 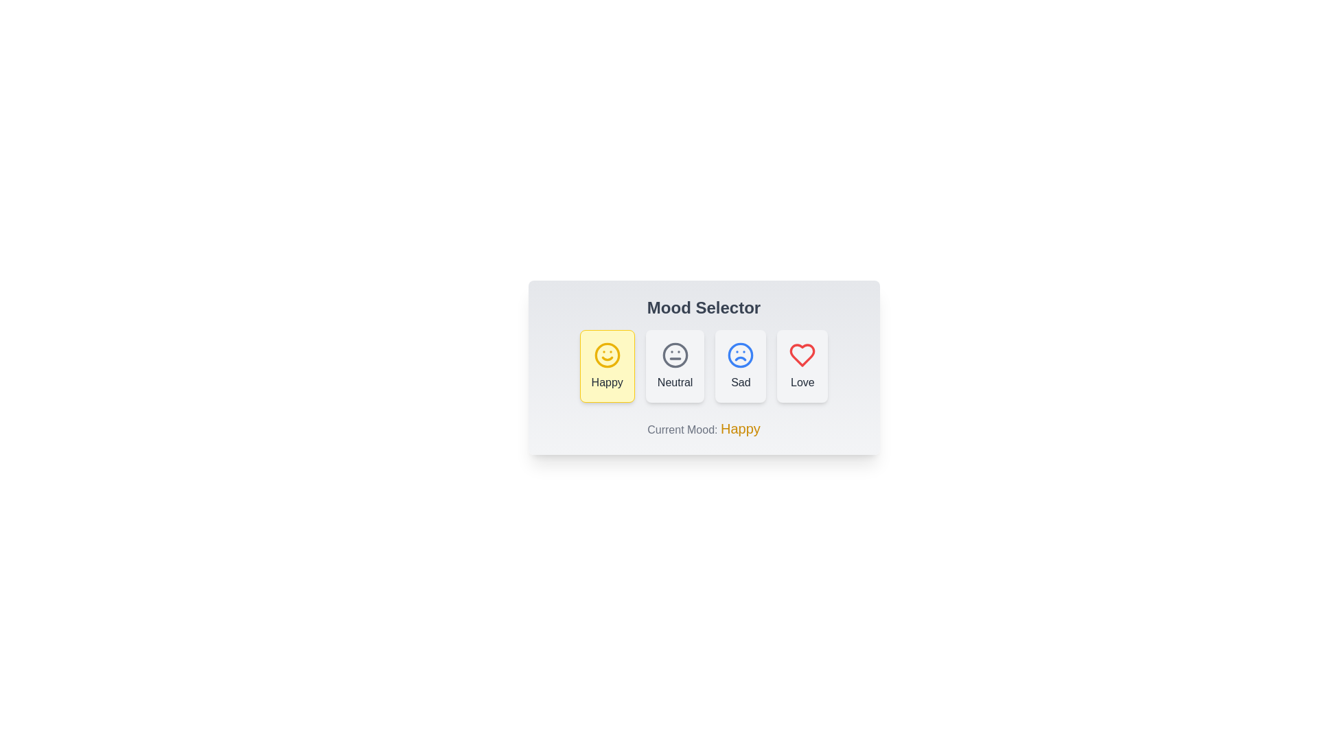 What do you see at coordinates (740, 365) in the screenshot?
I see `the button corresponding to the mood Sad` at bounding box center [740, 365].